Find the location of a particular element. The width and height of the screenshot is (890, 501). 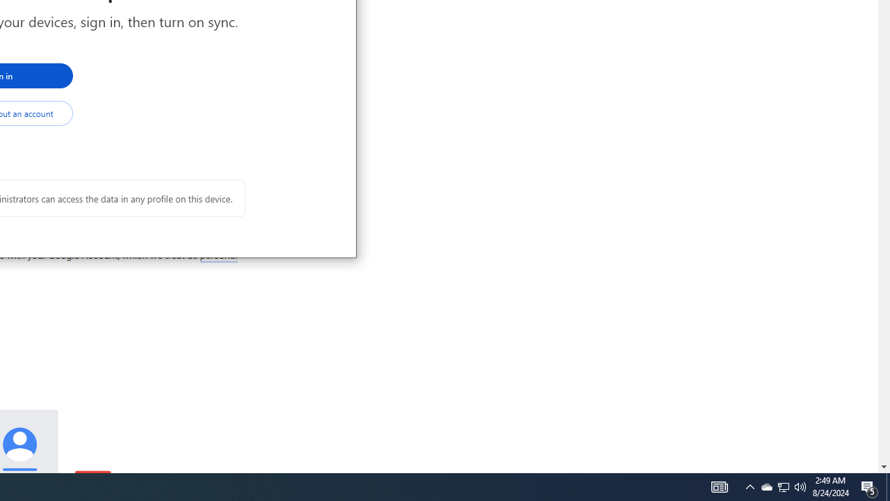

'Show desktop' is located at coordinates (887, 486).